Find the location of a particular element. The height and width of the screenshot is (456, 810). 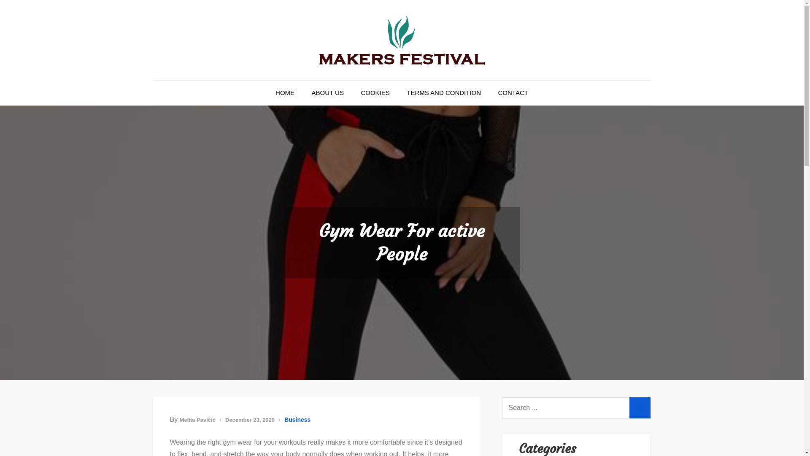

'Makers Festival' is located at coordinates (340, 83).